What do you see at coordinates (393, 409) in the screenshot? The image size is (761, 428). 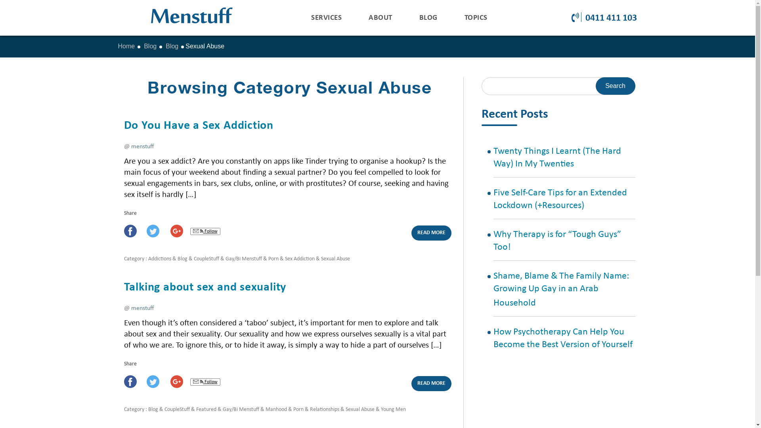 I see `'Young Men'` at bounding box center [393, 409].